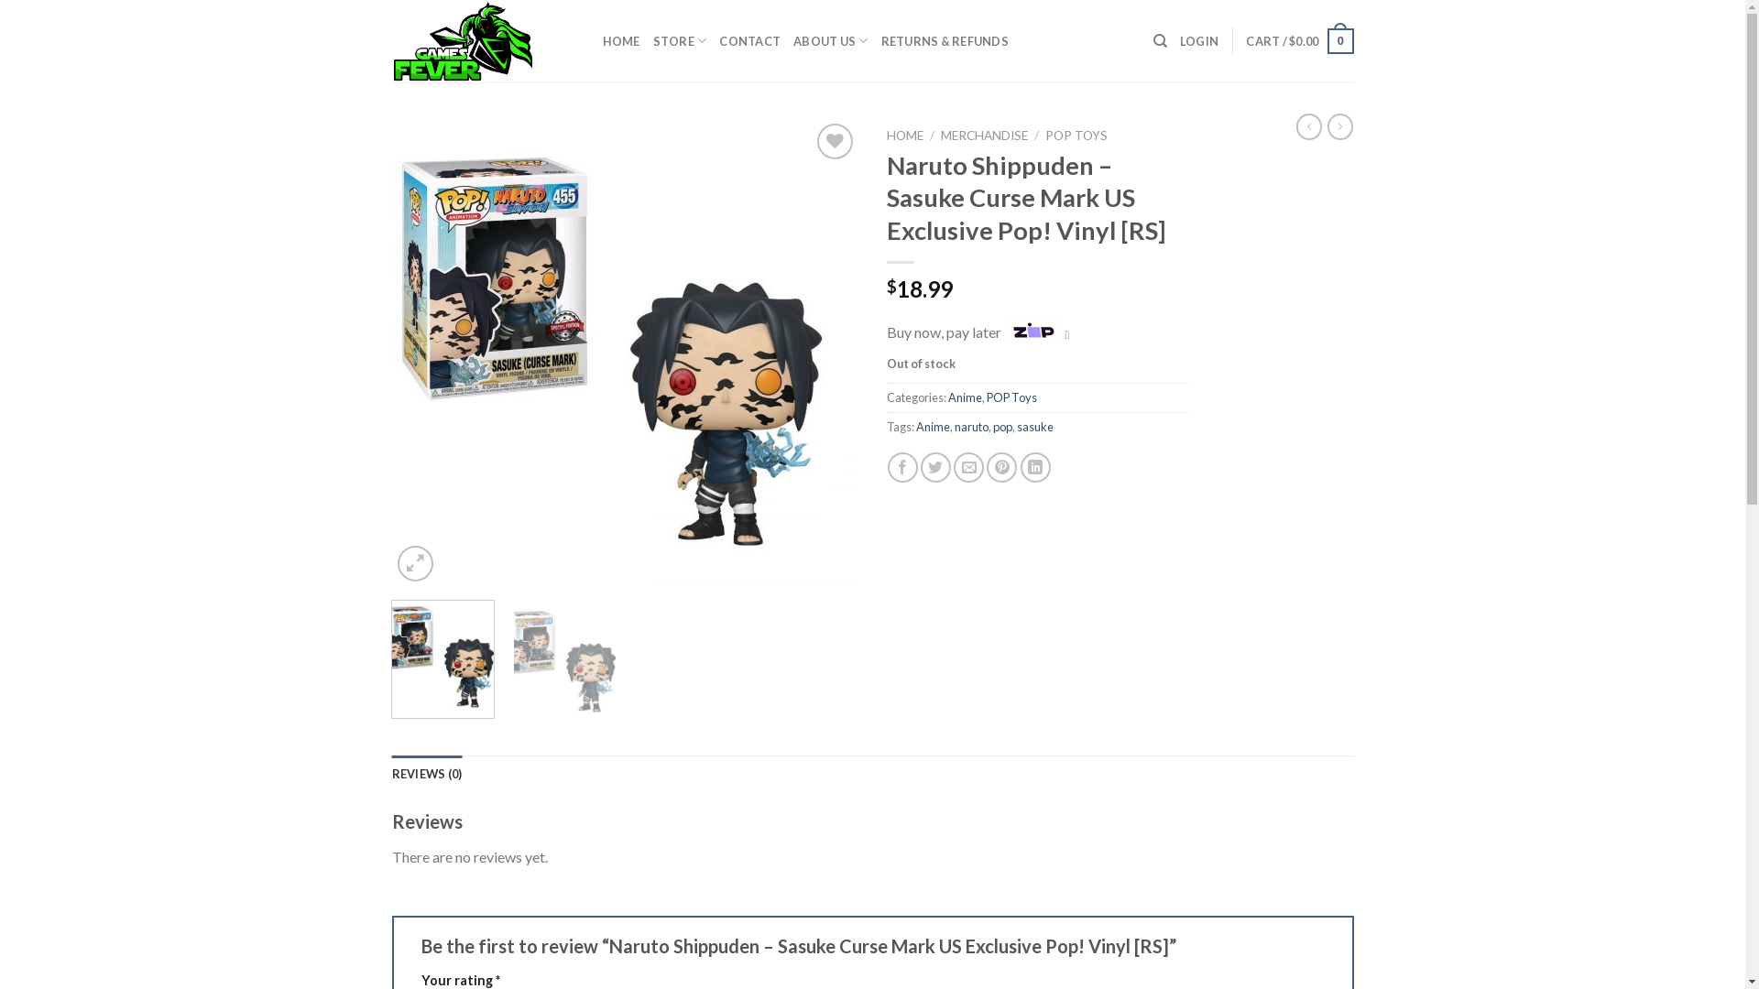  I want to click on 'LOGIN', so click(1199, 41).